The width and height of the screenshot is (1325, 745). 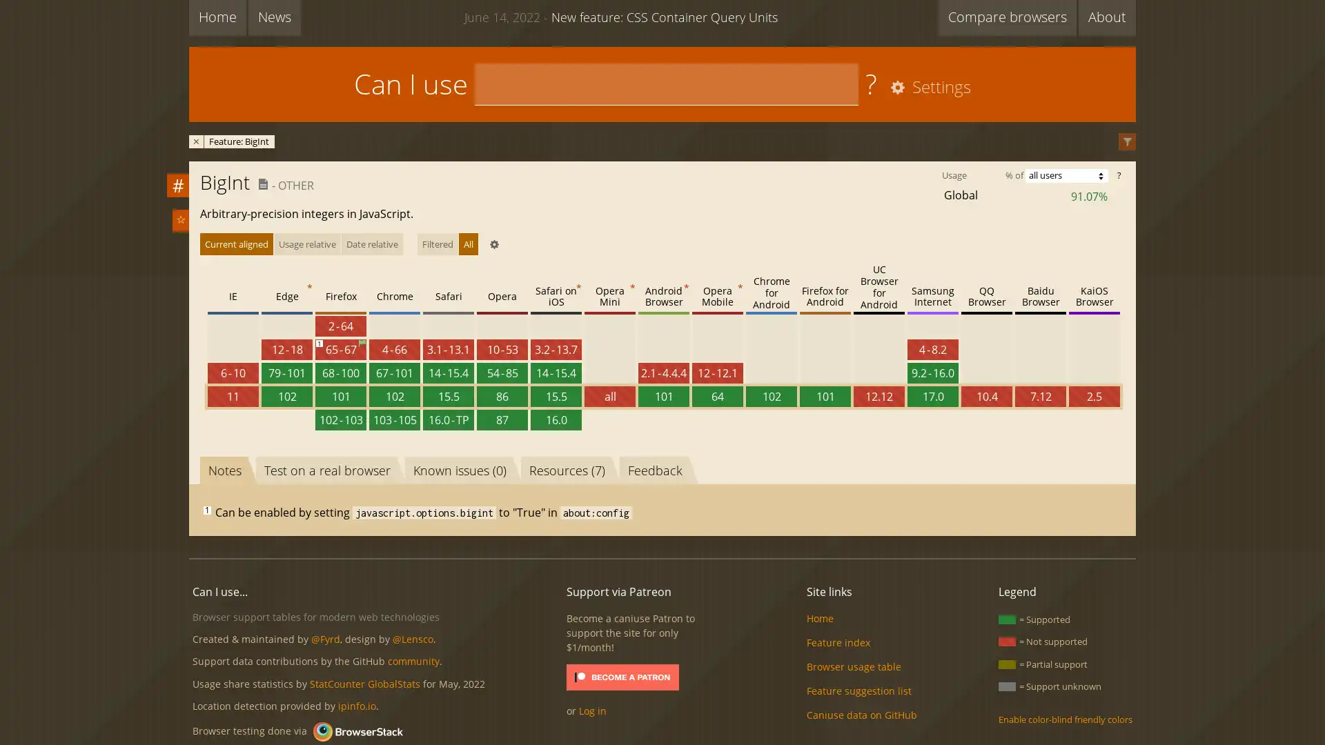 What do you see at coordinates (236, 244) in the screenshot?
I see `Current aligned` at bounding box center [236, 244].